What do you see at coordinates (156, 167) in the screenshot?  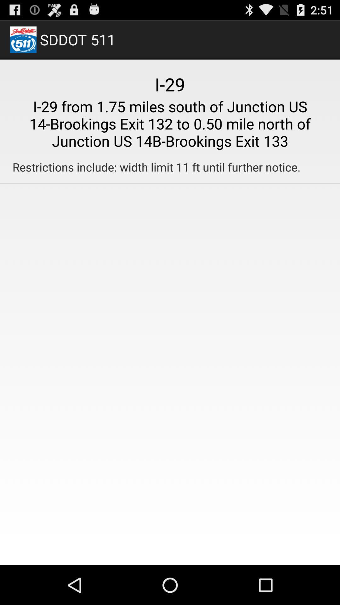 I see `the app below the i 29 from app` at bounding box center [156, 167].